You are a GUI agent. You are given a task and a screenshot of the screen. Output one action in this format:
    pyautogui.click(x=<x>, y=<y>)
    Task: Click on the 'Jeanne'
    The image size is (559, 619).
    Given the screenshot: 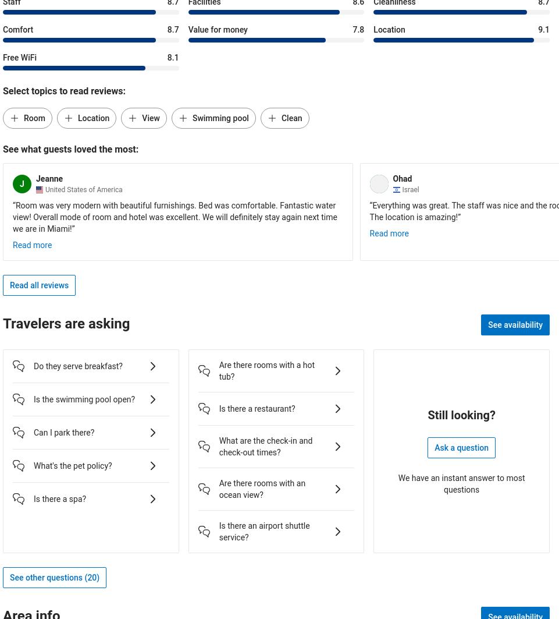 What is the action you would take?
    pyautogui.click(x=35, y=178)
    